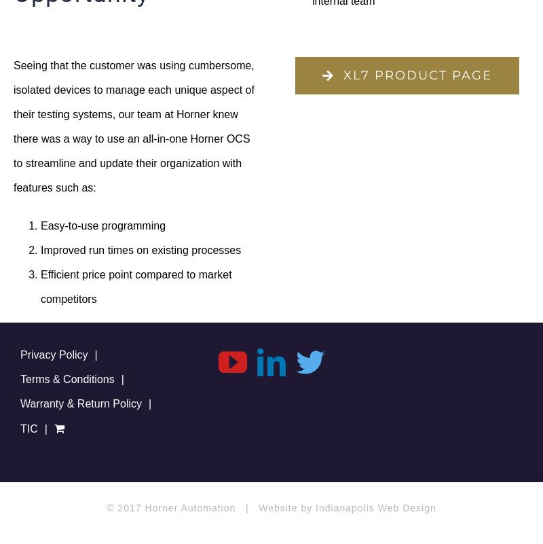  I want to click on 'Indianapolis Web Design', so click(375, 507).